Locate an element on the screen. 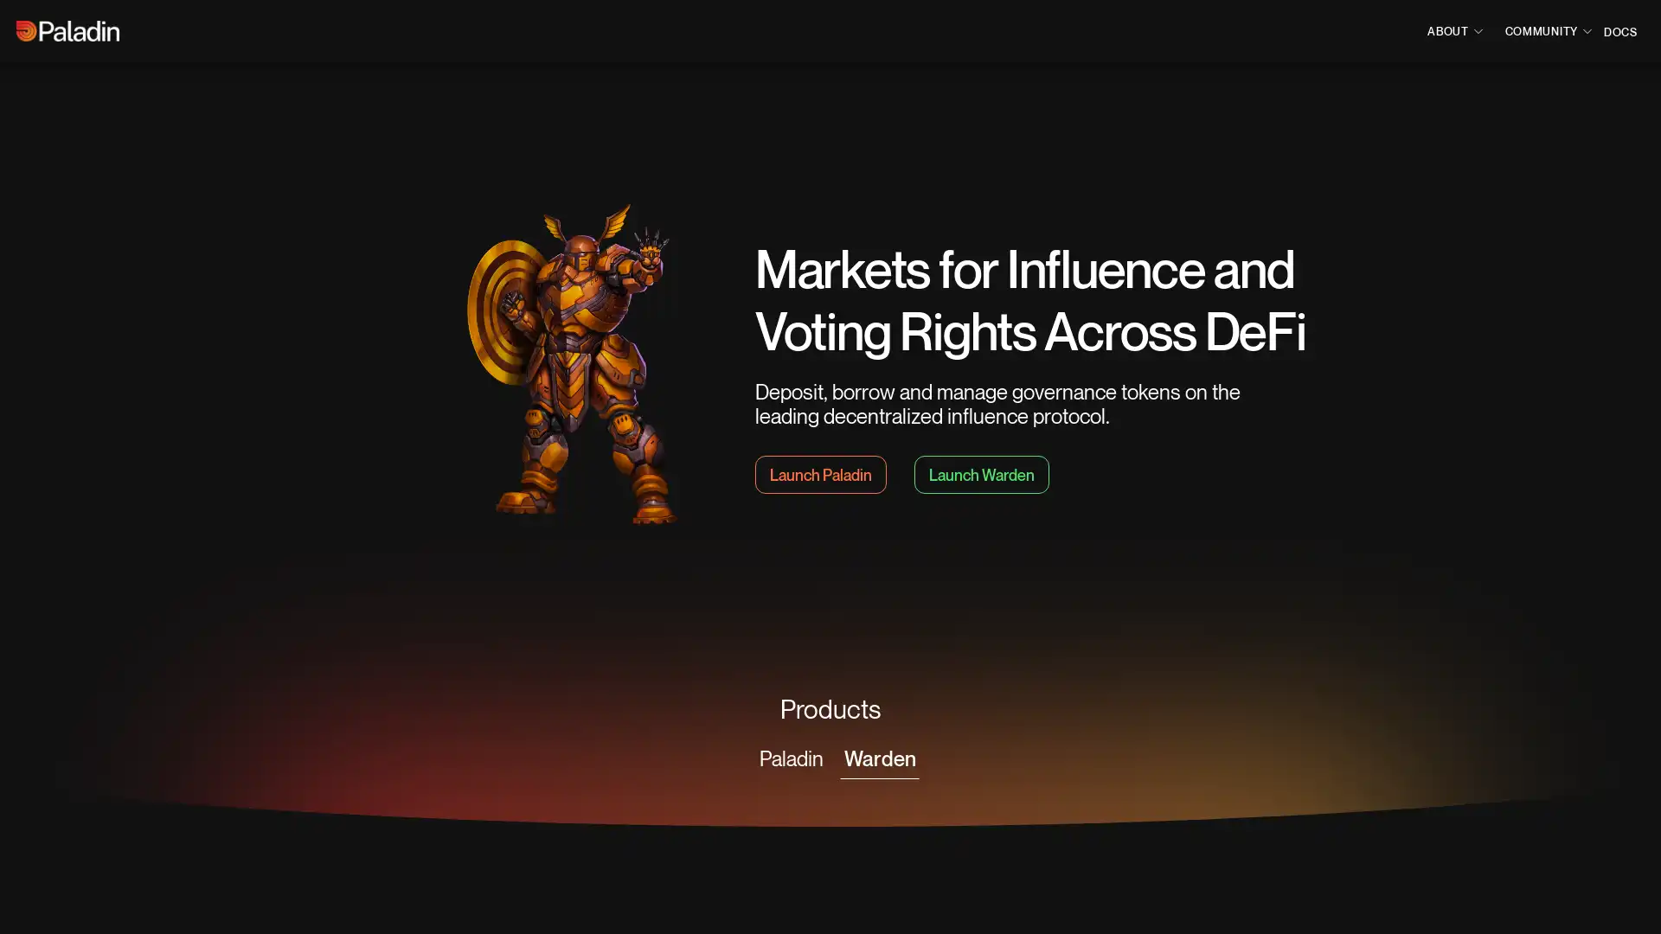 The width and height of the screenshot is (1661, 934). Launch Warden is located at coordinates (980, 473).